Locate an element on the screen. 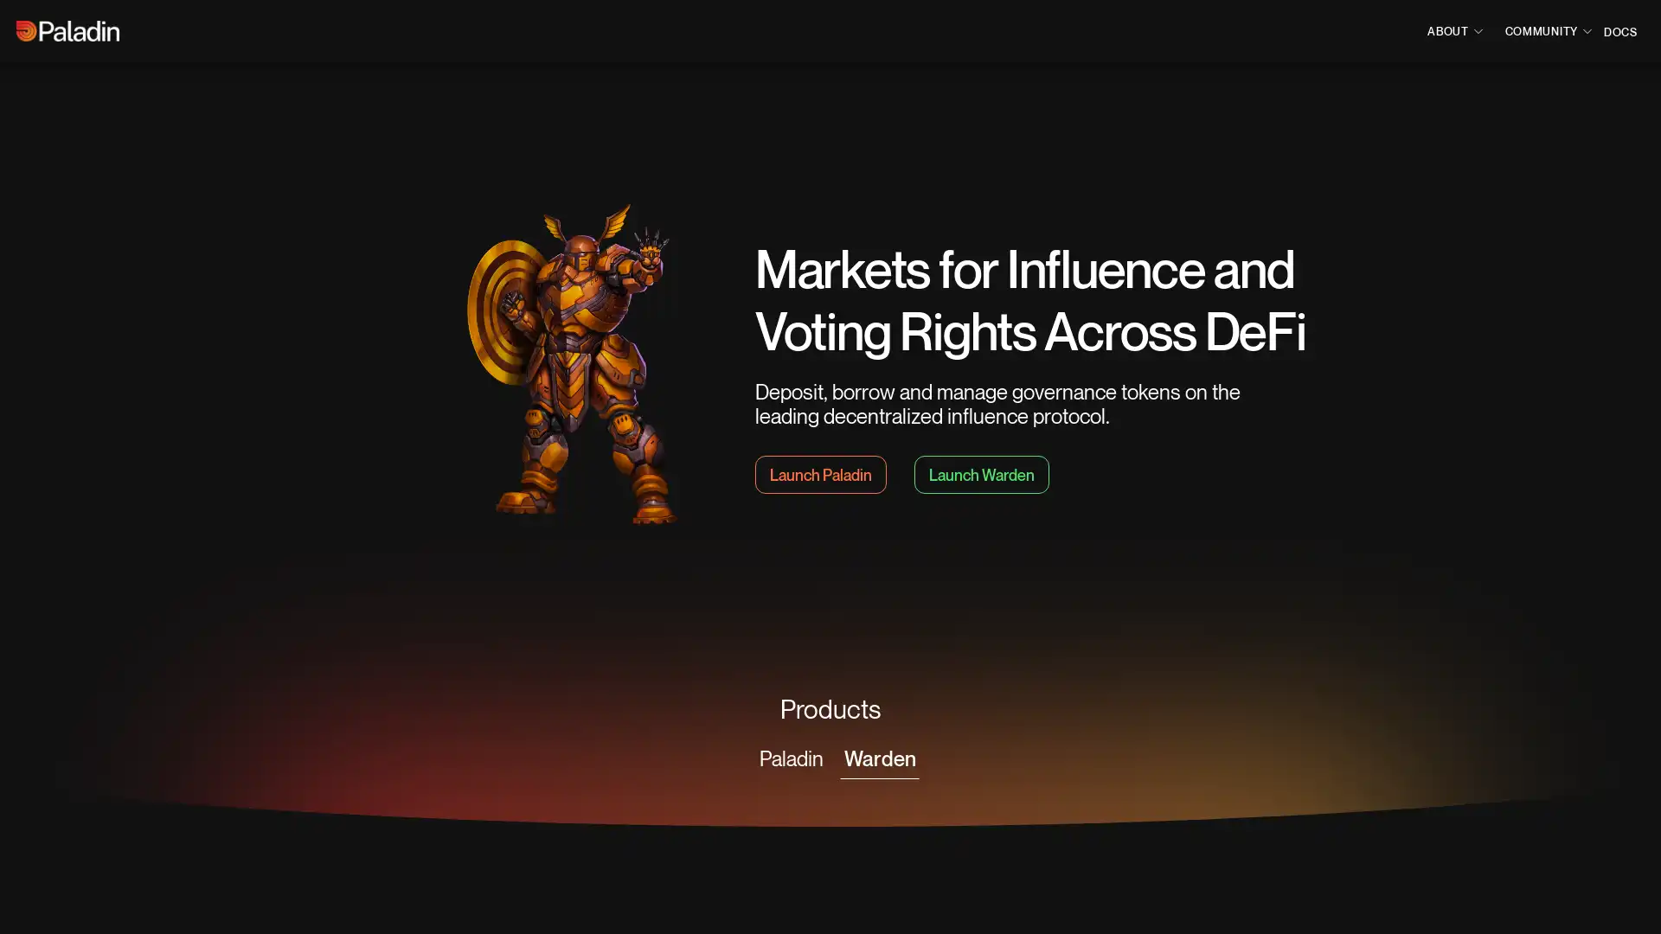 The width and height of the screenshot is (1661, 934). Launch Warden is located at coordinates (980, 473).